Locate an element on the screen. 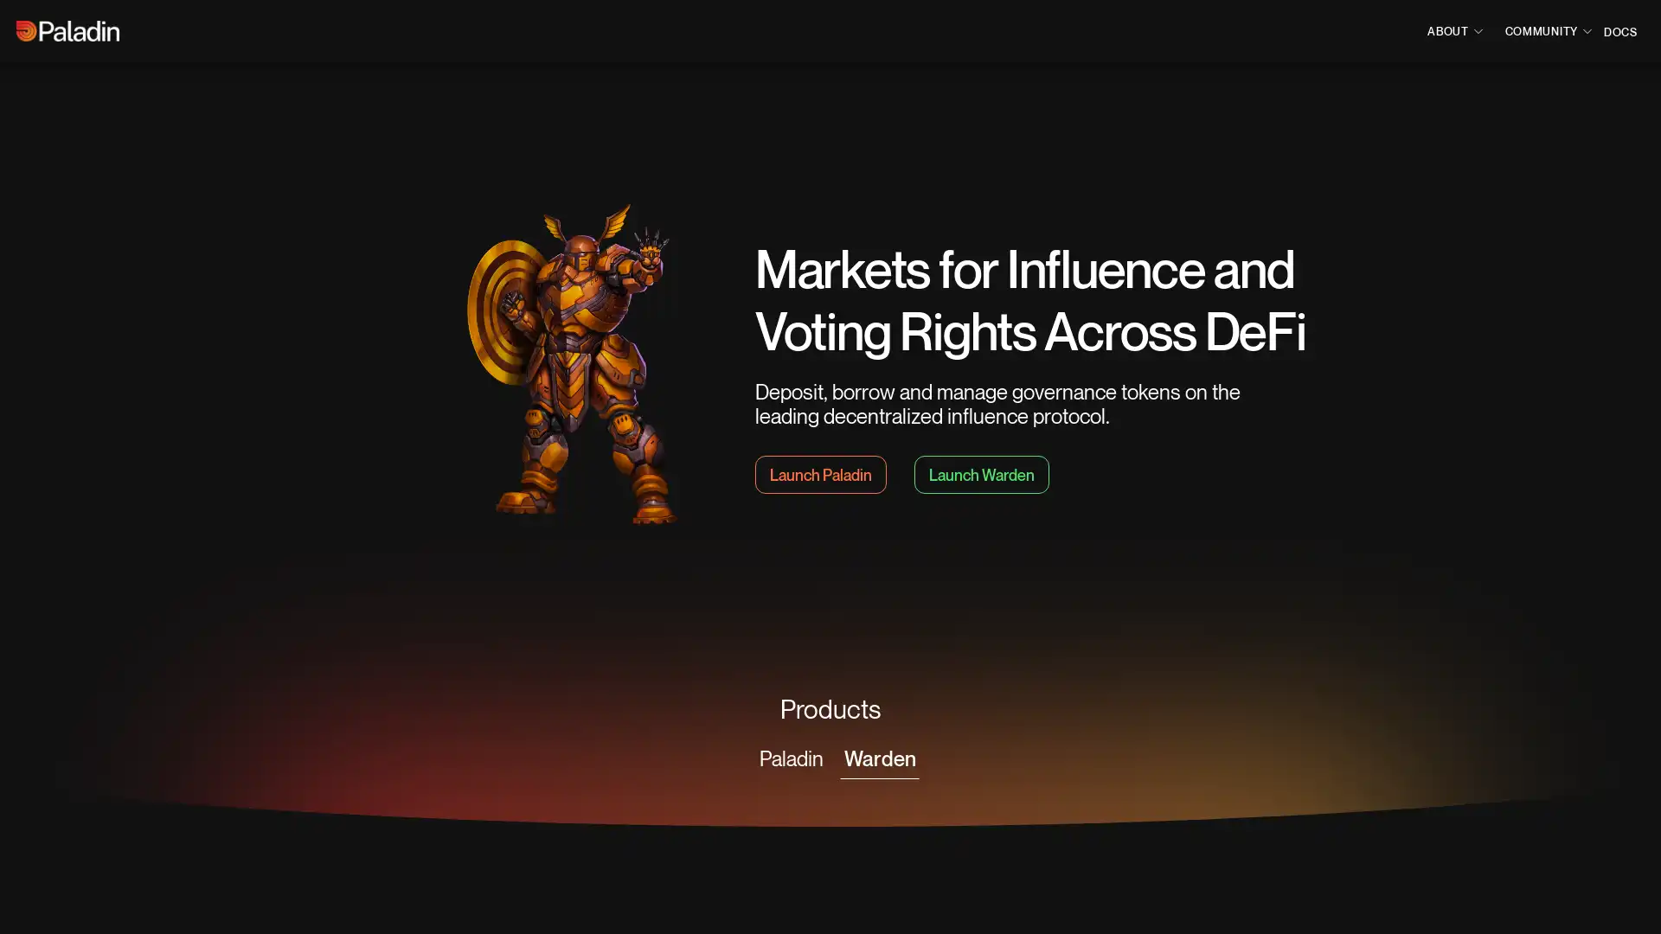 The width and height of the screenshot is (1661, 934). Launch Warden is located at coordinates (980, 473).